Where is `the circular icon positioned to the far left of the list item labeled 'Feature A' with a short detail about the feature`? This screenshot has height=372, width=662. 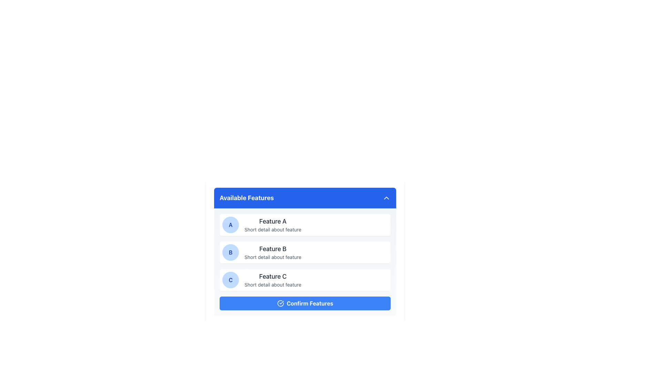
the circular icon positioned to the far left of the list item labeled 'Feature A' with a short detail about the feature is located at coordinates (230, 225).